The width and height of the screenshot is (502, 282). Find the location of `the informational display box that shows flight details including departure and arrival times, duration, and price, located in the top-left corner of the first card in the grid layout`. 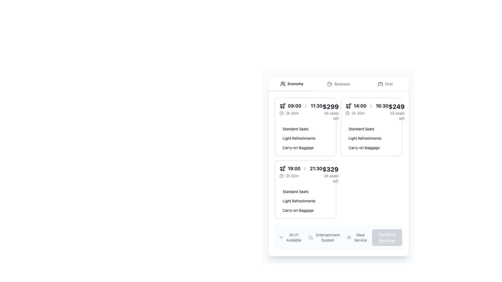

the informational display box that shows flight details including departure and arrival times, duration, and price, located in the top-left corner of the first card in the grid layout is located at coordinates (306, 111).